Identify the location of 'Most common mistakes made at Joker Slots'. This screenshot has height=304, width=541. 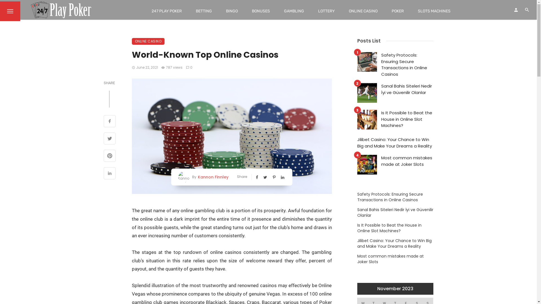
(395, 259).